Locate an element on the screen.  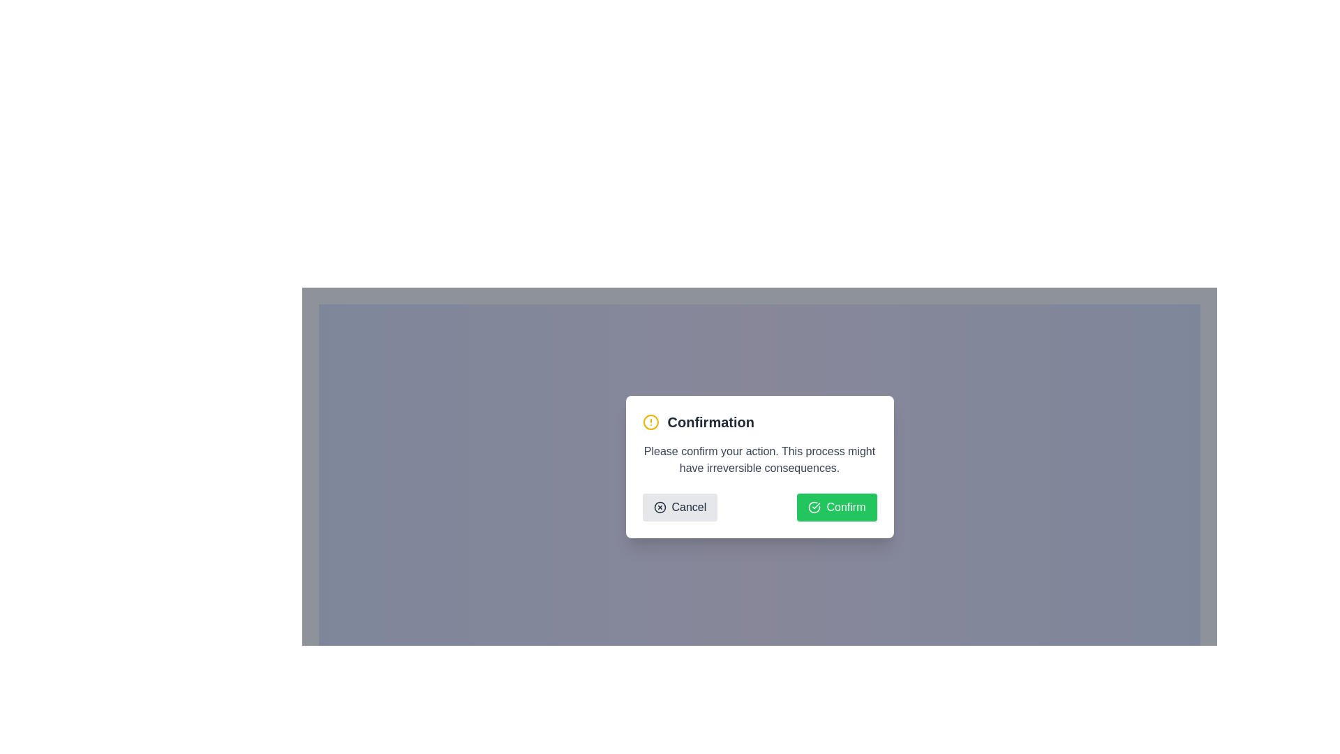
the warning icon located to the left of the bold 'Confirmation' text in the dialog box is located at coordinates (650, 421).